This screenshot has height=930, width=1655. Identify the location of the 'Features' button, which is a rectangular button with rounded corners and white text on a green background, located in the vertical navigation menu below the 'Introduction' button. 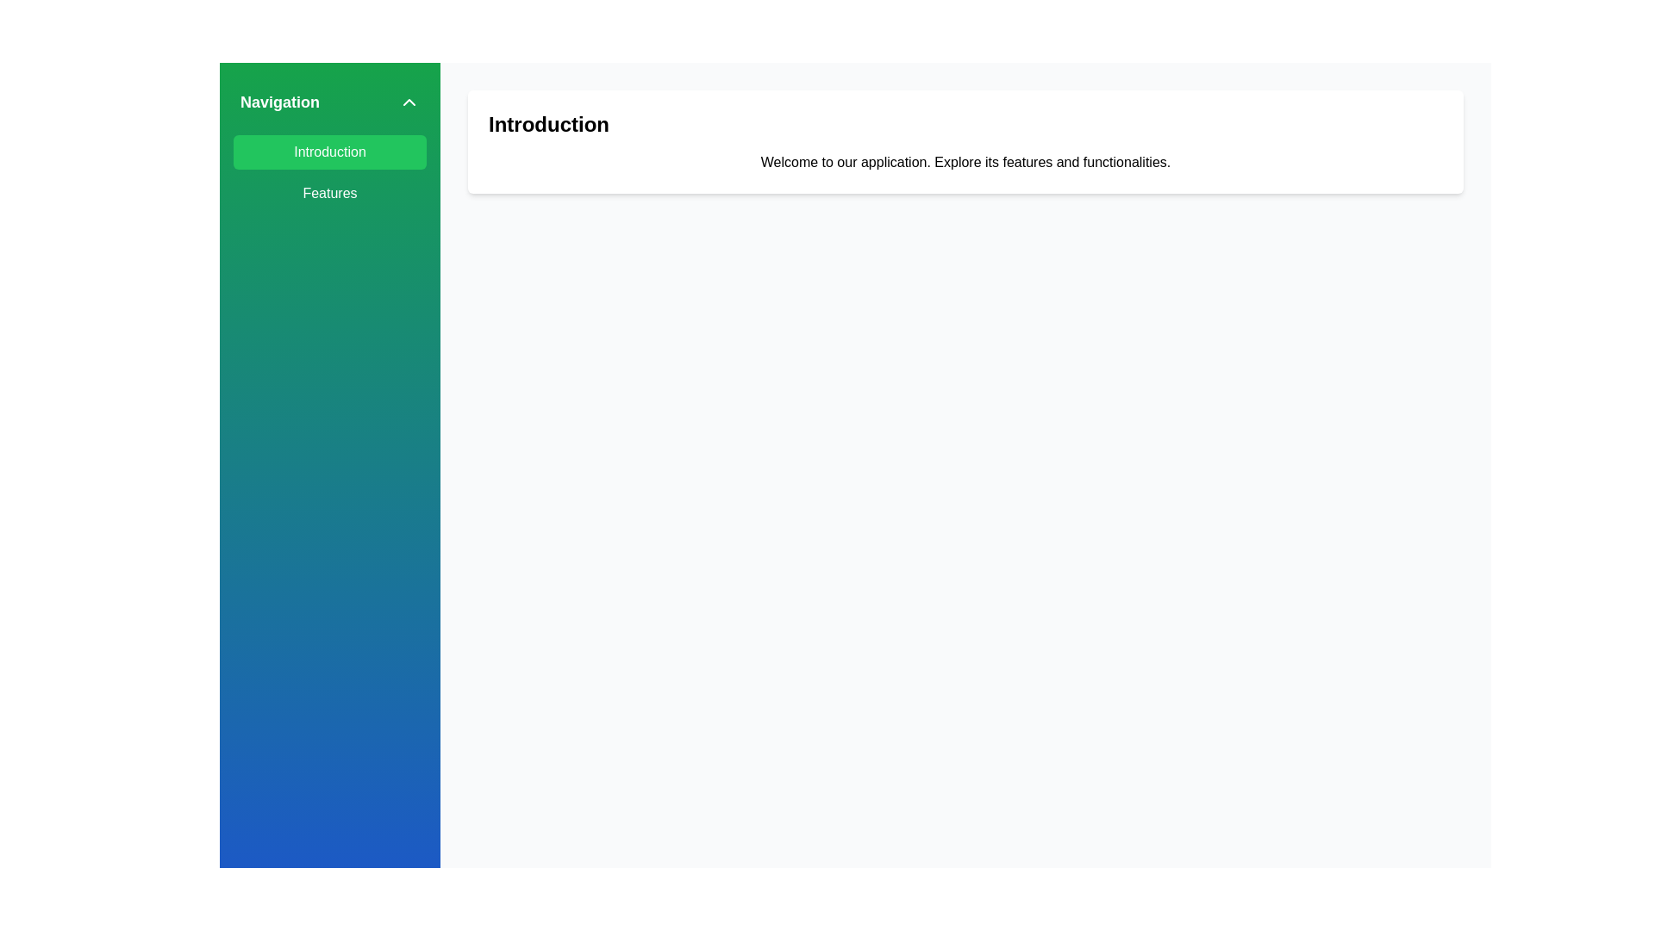
(330, 193).